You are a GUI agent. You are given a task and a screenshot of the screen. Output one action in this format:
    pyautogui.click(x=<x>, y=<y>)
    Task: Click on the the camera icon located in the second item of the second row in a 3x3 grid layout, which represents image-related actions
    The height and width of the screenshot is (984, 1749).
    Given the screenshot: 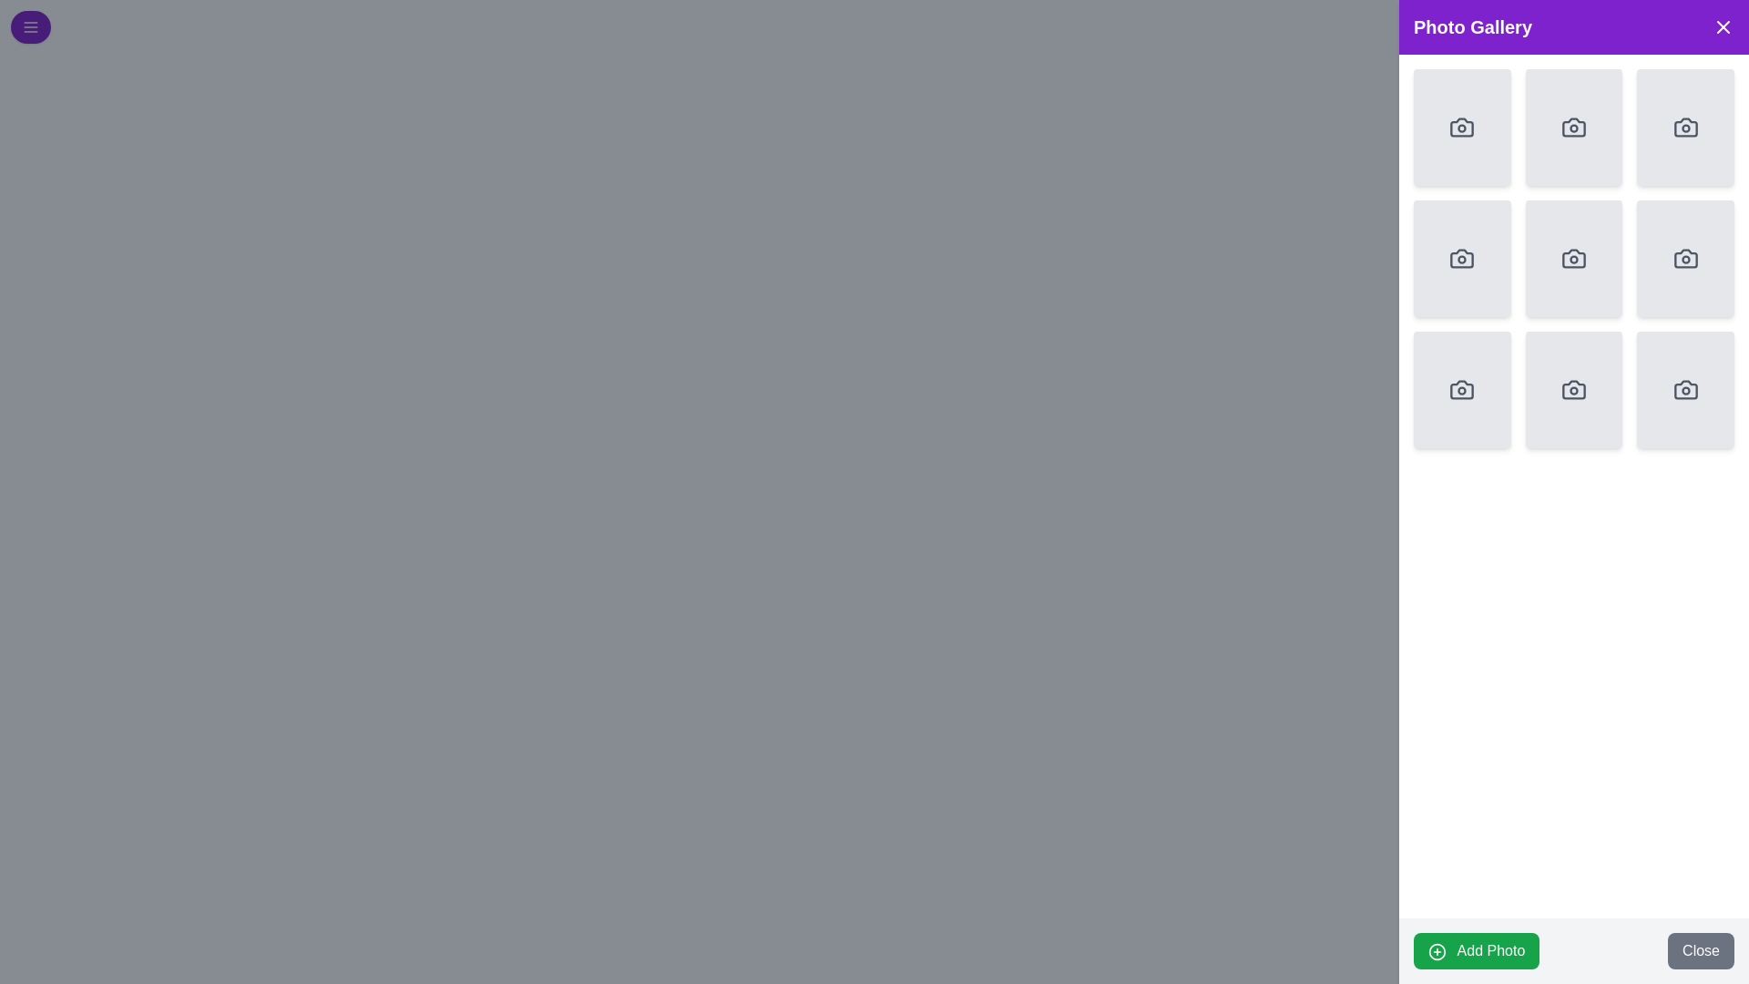 What is the action you would take?
    pyautogui.click(x=1462, y=259)
    